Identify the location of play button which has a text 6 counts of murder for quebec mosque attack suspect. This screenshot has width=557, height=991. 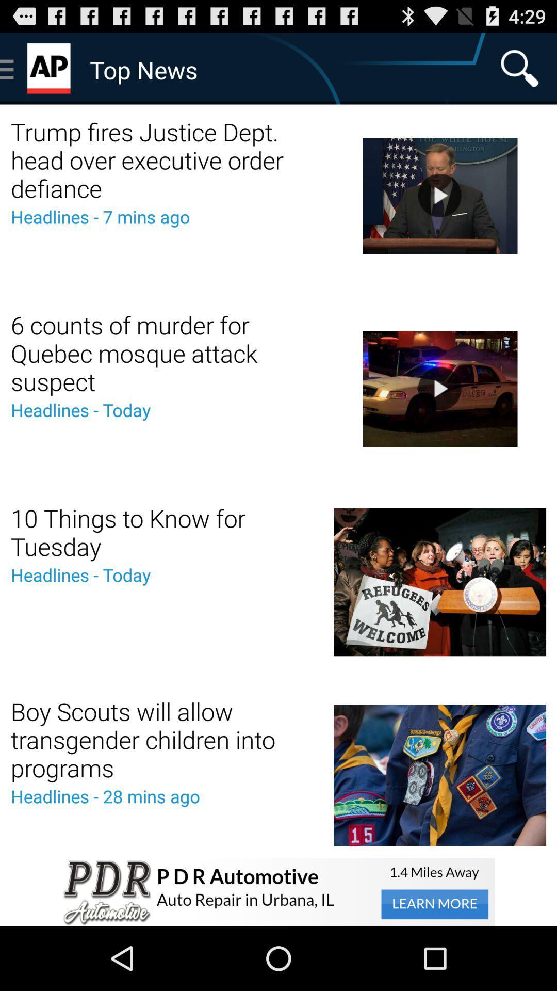
(439, 388).